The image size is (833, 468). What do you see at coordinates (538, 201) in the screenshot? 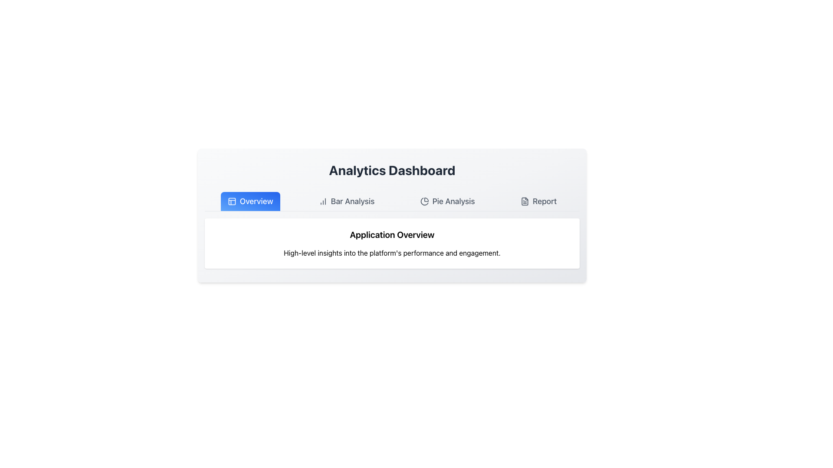
I see `the fourth button in the horizontal menu at the top of the interface` at bounding box center [538, 201].